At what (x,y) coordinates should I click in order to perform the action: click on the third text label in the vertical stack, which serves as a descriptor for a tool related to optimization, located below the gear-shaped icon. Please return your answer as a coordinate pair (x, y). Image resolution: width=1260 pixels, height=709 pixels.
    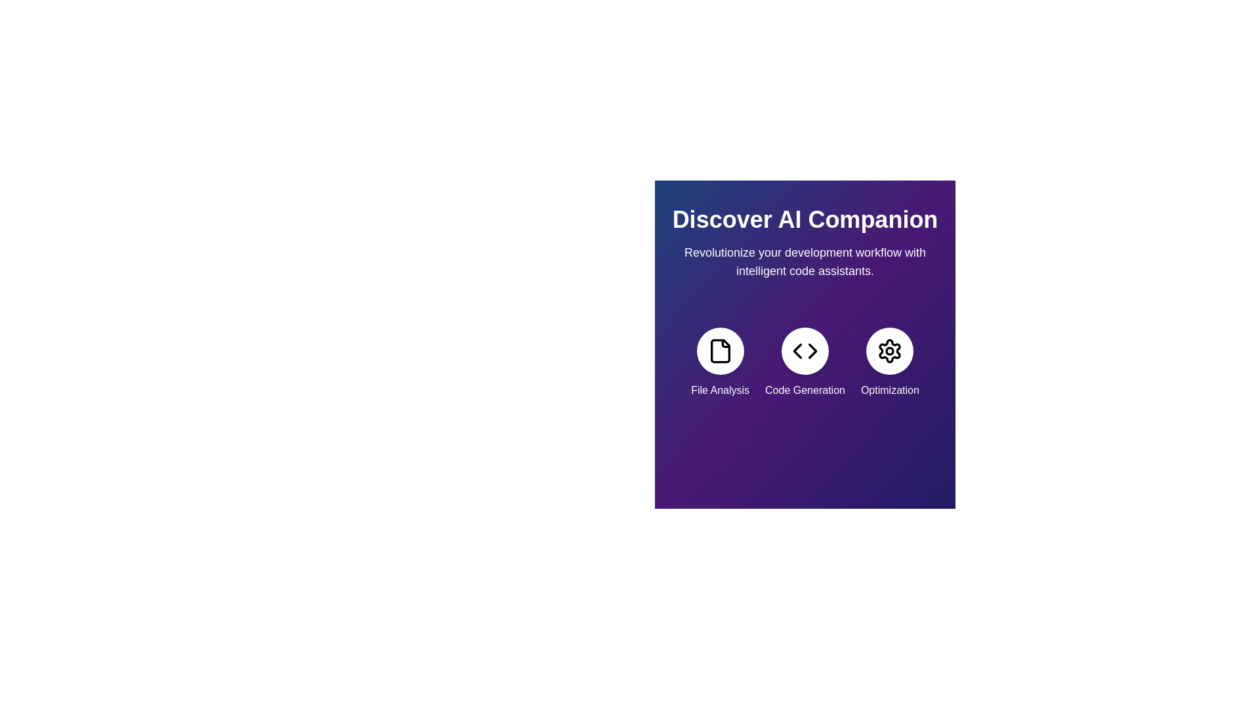
    Looking at the image, I should click on (890, 389).